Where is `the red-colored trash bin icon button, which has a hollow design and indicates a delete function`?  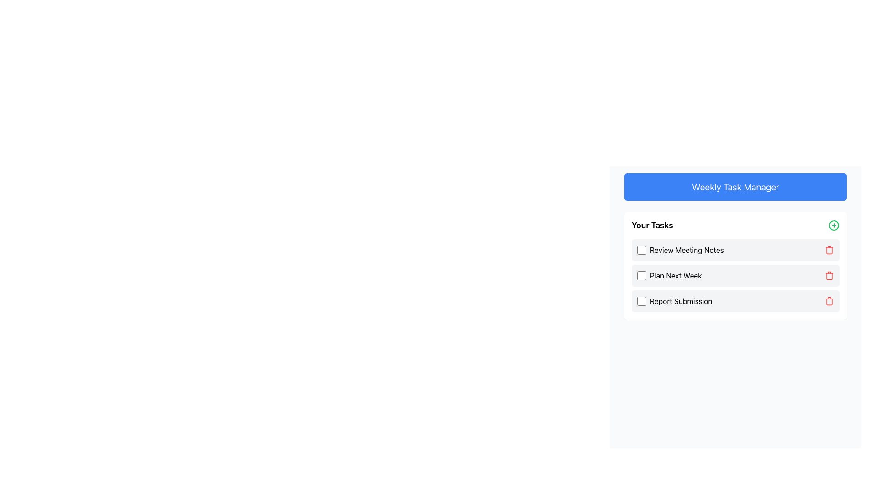
the red-colored trash bin icon button, which has a hollow design and indicates a delete function is located at coordinates (829, 250).